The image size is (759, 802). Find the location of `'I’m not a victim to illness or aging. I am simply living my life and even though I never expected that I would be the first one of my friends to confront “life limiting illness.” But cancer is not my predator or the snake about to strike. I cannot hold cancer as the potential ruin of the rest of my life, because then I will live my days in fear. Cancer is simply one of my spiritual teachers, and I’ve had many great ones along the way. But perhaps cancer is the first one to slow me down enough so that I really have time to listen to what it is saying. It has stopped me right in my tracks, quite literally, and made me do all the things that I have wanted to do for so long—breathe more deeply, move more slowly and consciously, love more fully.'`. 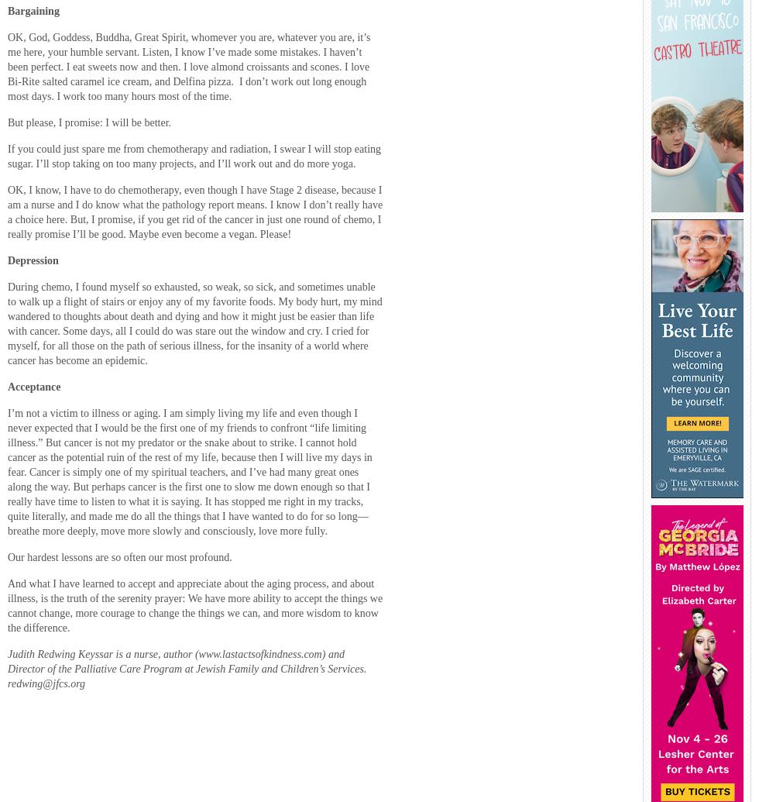

'I’m not a victim to illness or aging. I am simply living my life and even though I never expected that I would be the first one of my friends to confront “life limiting illness.” But cancer is not my predator or the snake about to strike. I cannot hold cancer as the potential ruin of the rest of my life, because then I will live my days in fear. Cancer is simply one of my spiritual teachers, and I’ve had many great ones along the way. But perhaps cancer is the first one to slow me down enough so that I really have time to listen to what it is saying. It has stopped me right in my tracks, quite literally, and made me do all the things that I have wanted to do for so long—breathe more deeply, move more slowly and consciously, love more fully.' is located at coordinates (7, 470).